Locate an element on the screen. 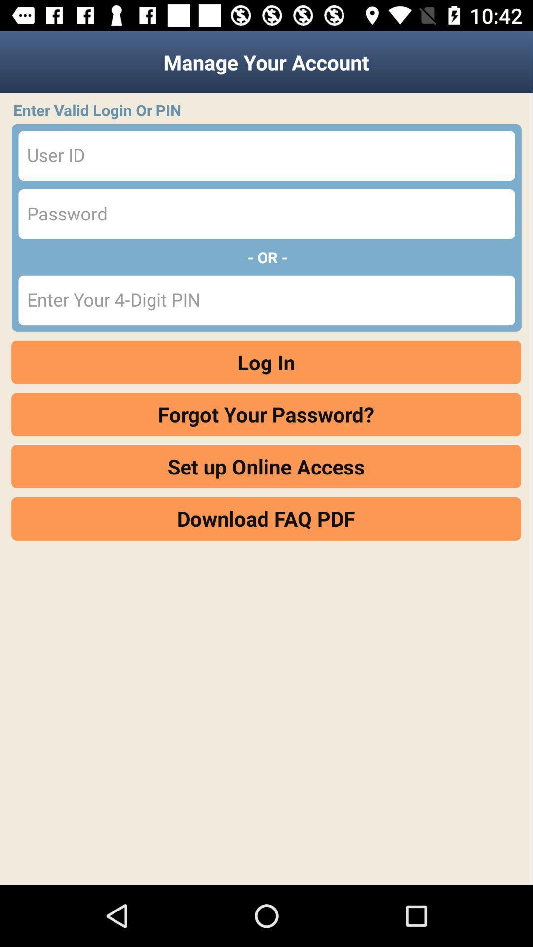  user id here is located at coordinates (266, 155).